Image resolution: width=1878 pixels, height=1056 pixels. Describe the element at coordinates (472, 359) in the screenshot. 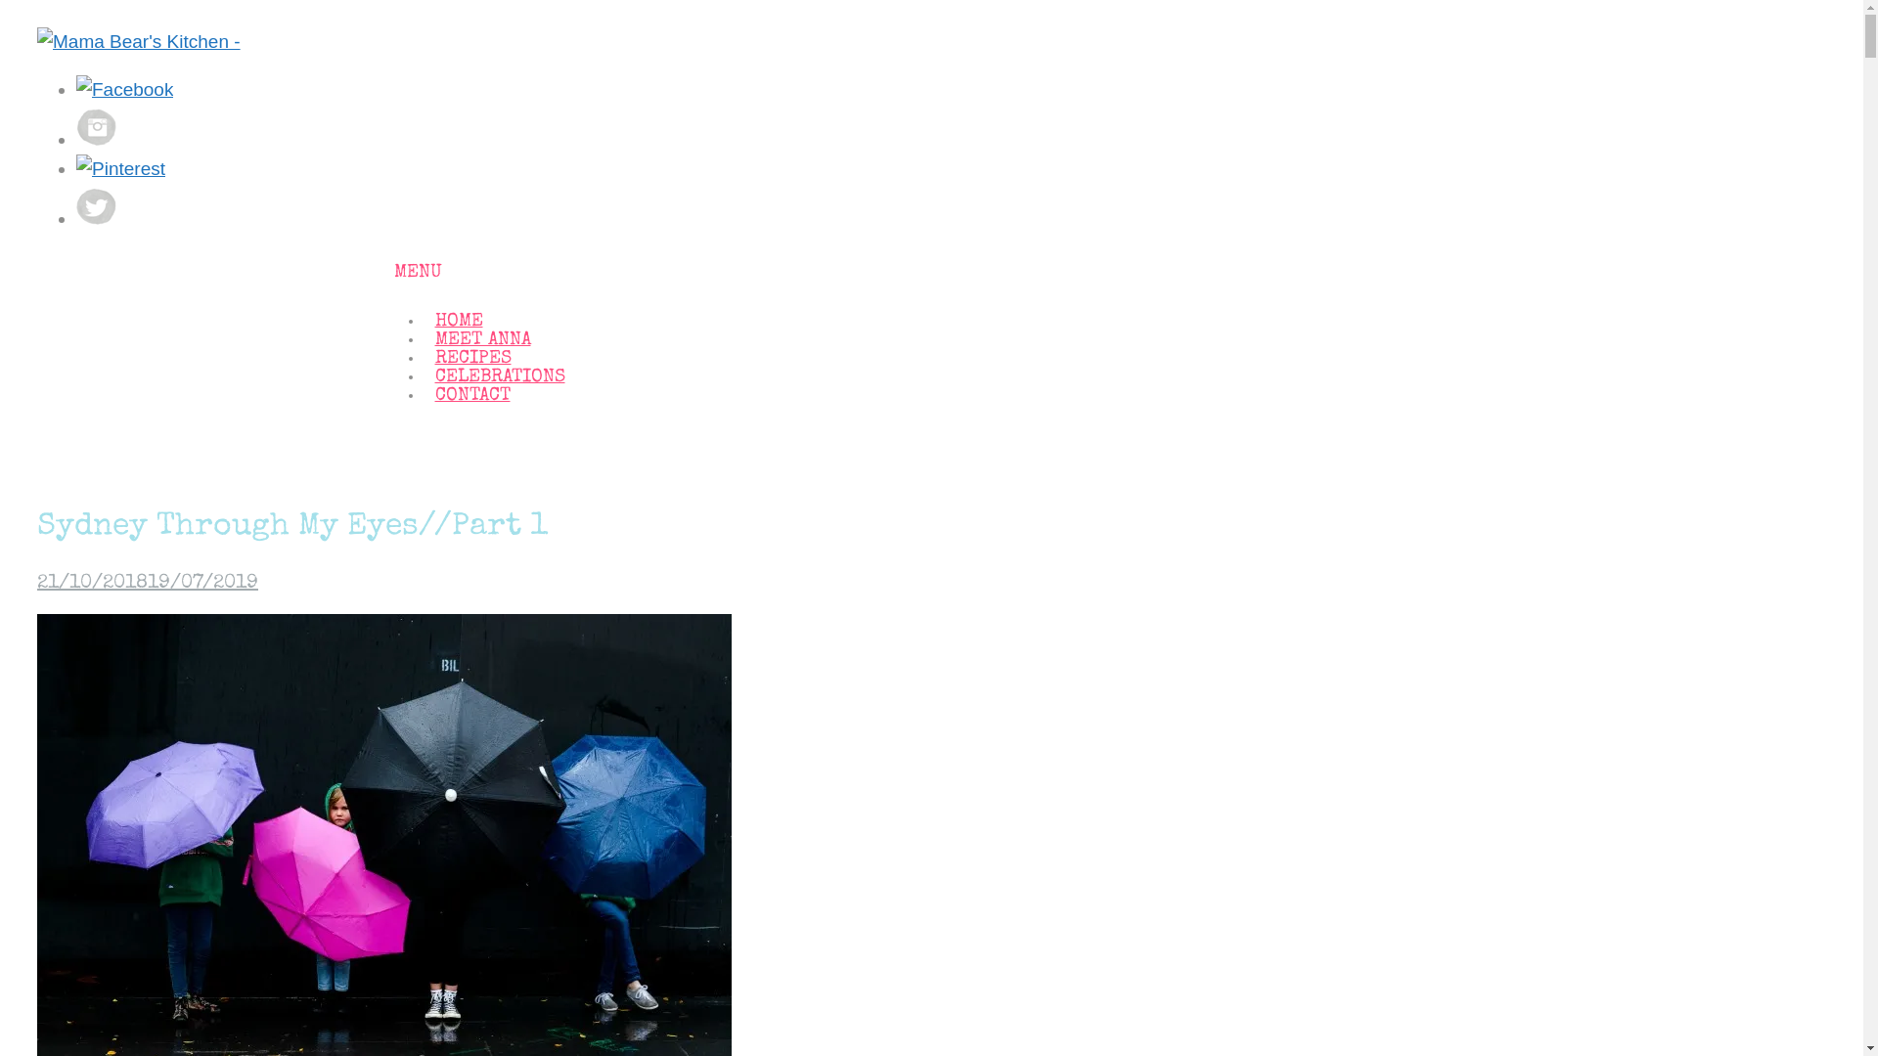

I see `'RECIPES'` at that location.